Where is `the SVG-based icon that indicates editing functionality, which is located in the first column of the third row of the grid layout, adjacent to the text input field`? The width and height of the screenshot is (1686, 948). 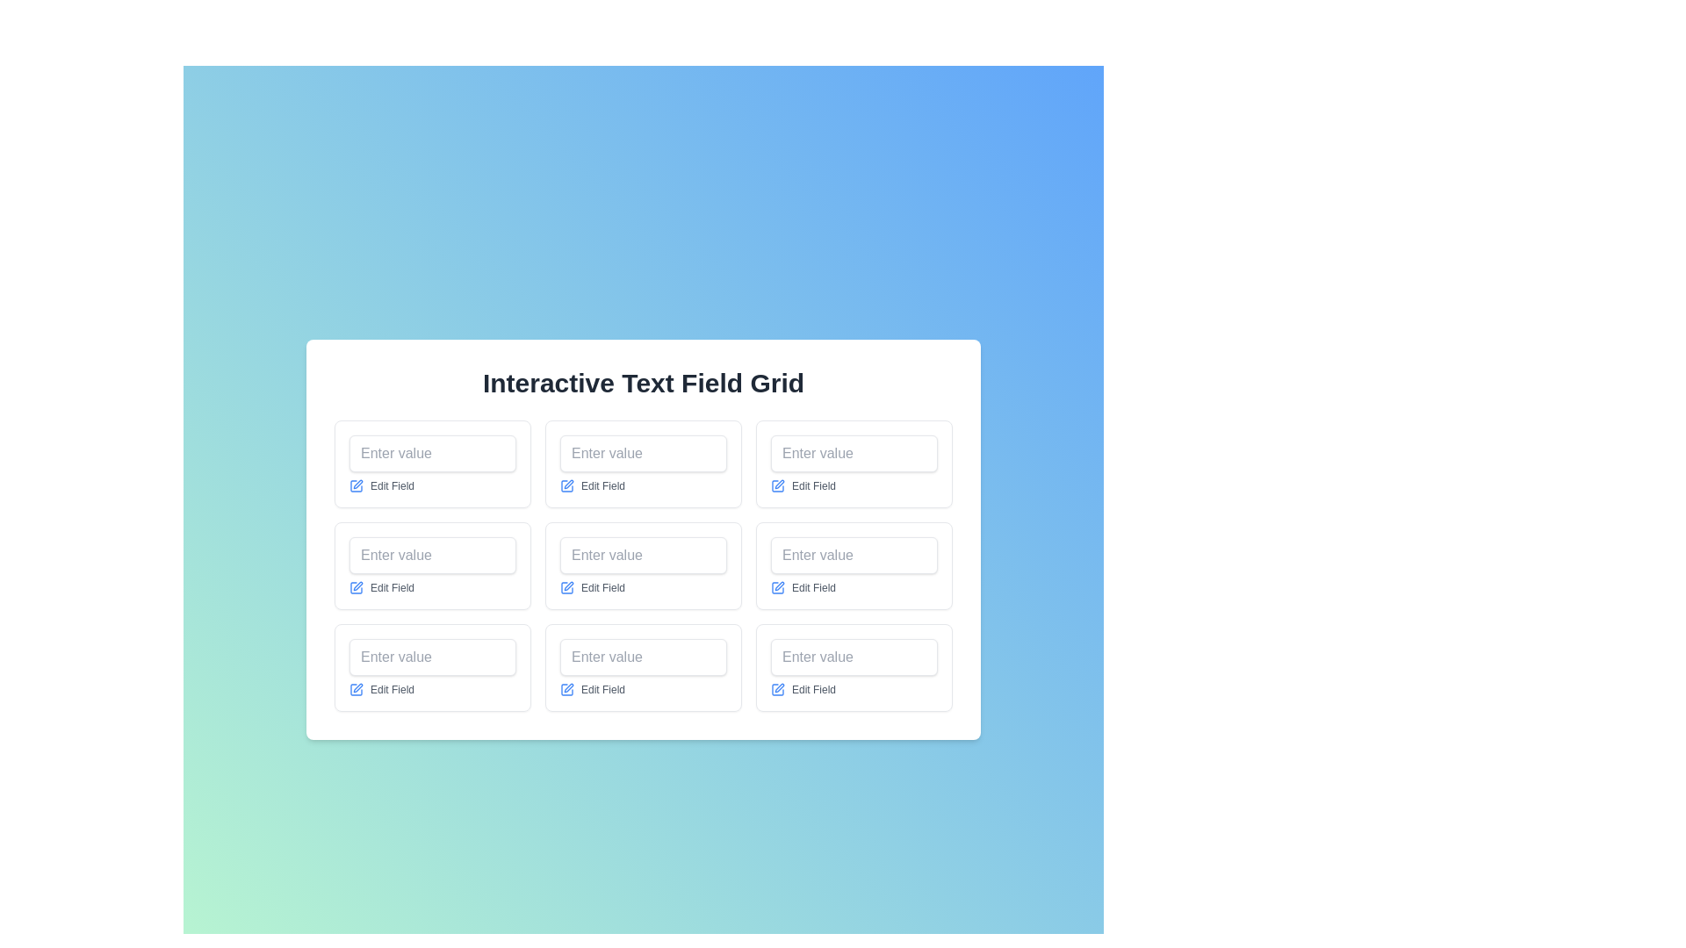 the SVG-based icon that indicates editing functionality, which is located in the first column of the third row of the grid layout, adjacent to the text input field is located at coordinates (356, 588).